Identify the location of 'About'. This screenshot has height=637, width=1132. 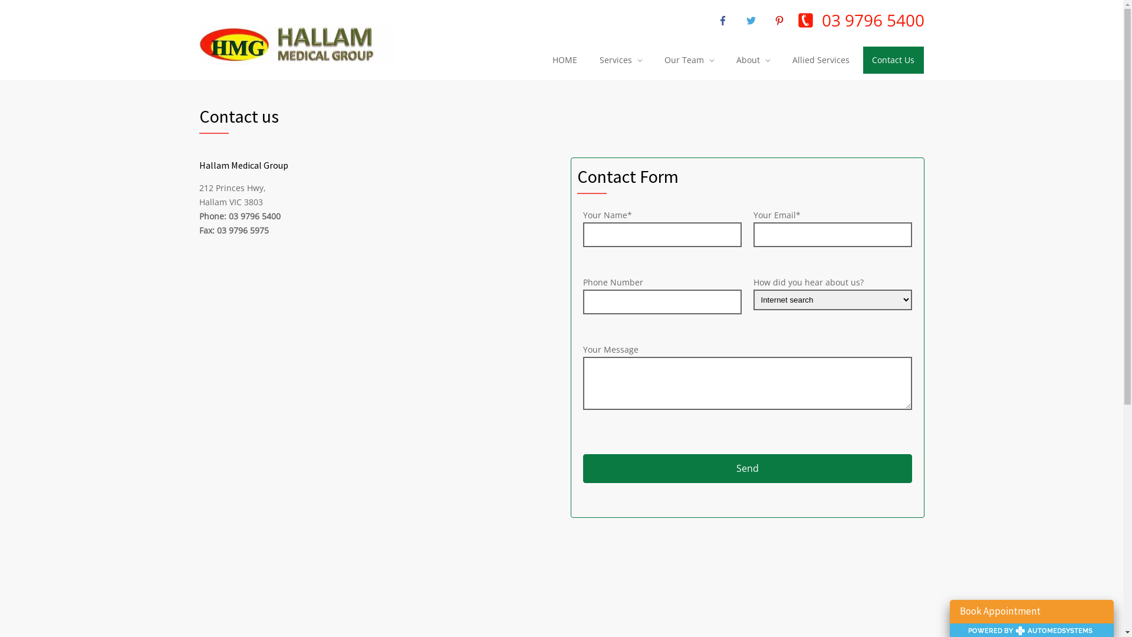
(726, 60).